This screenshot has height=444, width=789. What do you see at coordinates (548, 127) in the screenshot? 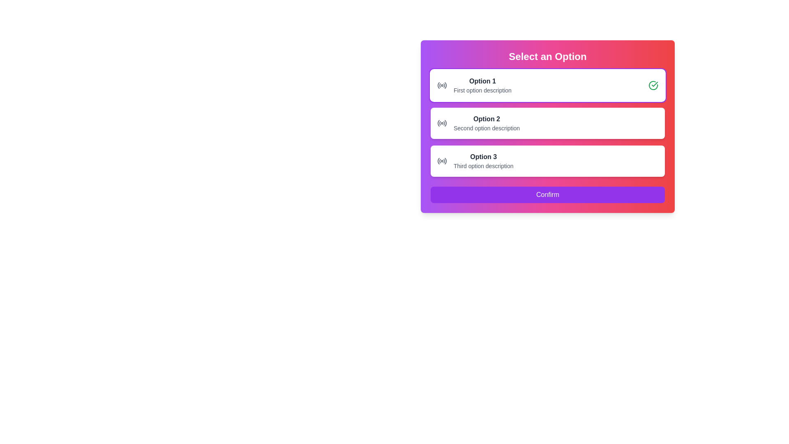
I see `the second option in the choice selection box located centrally in the modal below the title` at bounding box center [548, 127].